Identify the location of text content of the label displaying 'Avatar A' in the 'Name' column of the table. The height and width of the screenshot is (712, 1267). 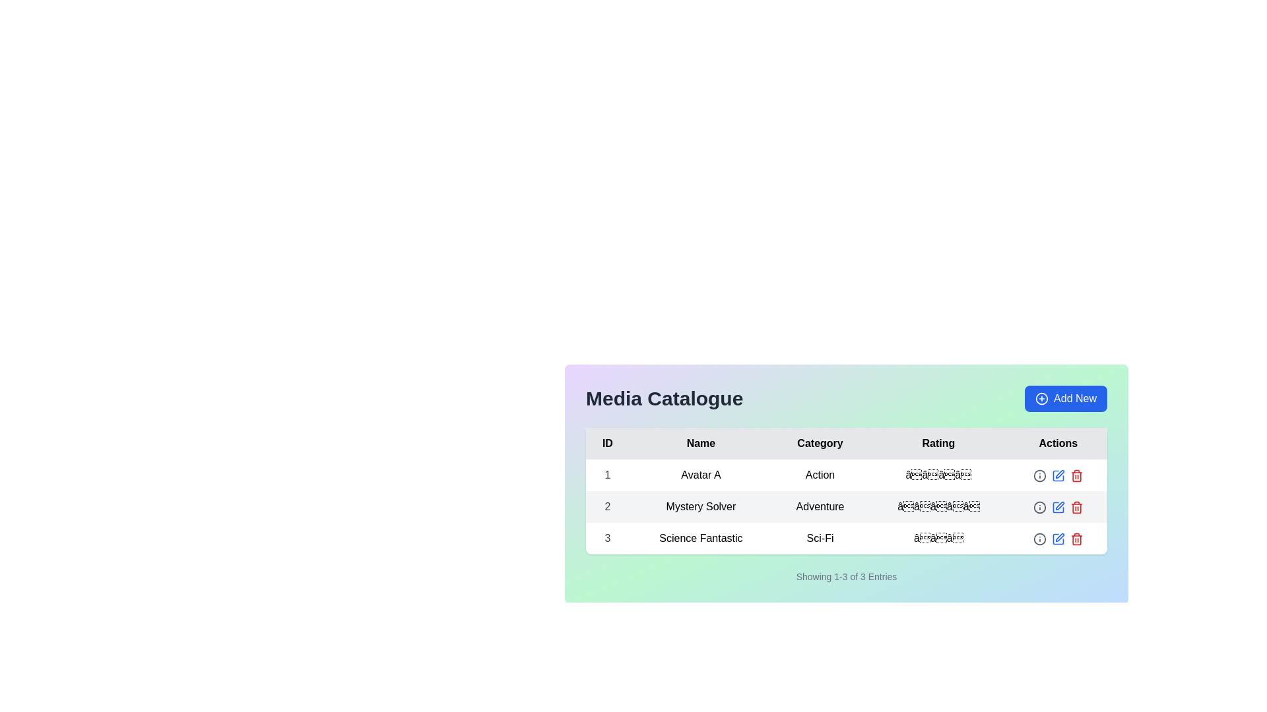
(700, 475).